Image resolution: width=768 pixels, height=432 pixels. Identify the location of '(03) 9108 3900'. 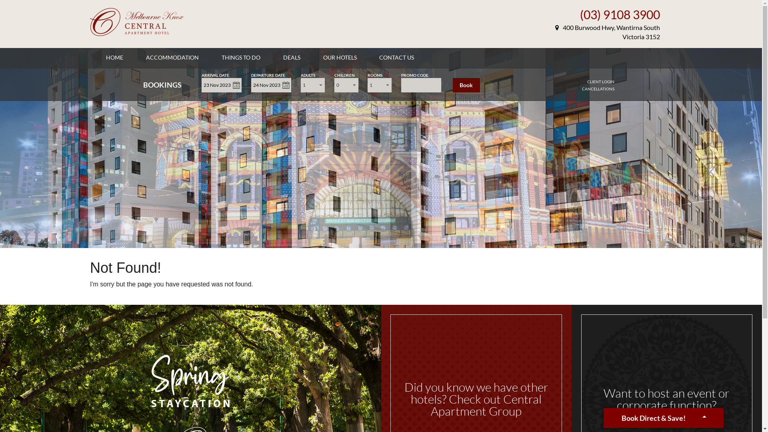
(620, 14).